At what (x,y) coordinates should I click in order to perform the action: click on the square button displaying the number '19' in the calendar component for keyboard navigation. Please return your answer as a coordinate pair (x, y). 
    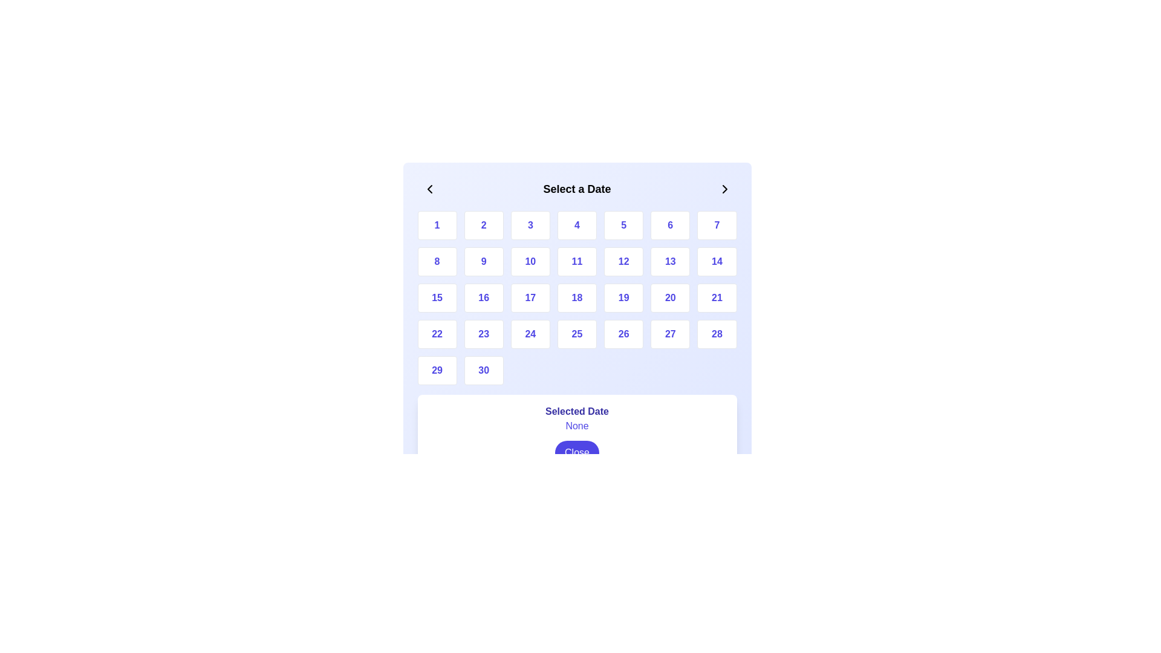
    Looking at the image, I should click on (623, 298).